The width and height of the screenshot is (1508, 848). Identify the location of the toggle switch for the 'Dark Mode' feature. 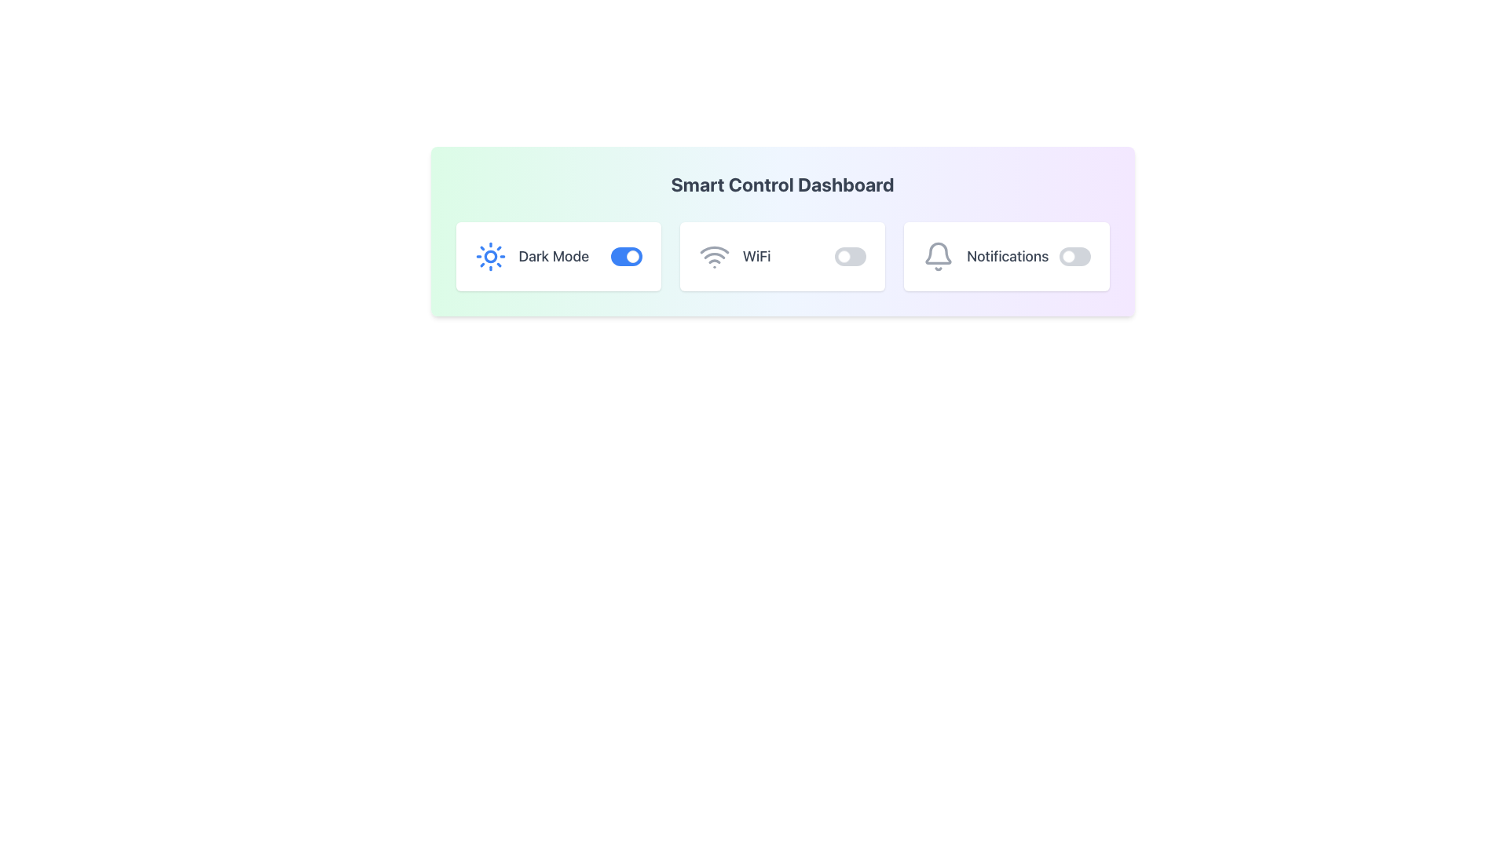
(625, 256).